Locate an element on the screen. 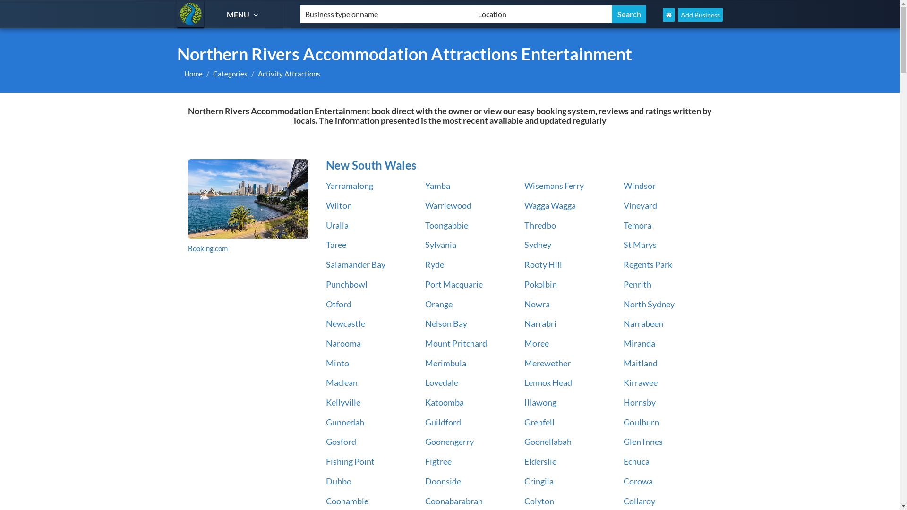  'Sydney' is located at coordinates (523, 244).